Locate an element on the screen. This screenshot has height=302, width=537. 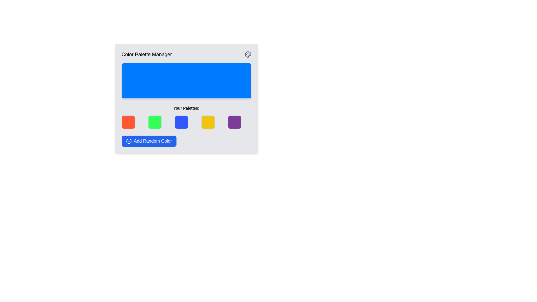
the purple color swatch with rounded corners and gray border located in the fifth position of the 'Your Palettes' section is located at coordinates (235, 122).